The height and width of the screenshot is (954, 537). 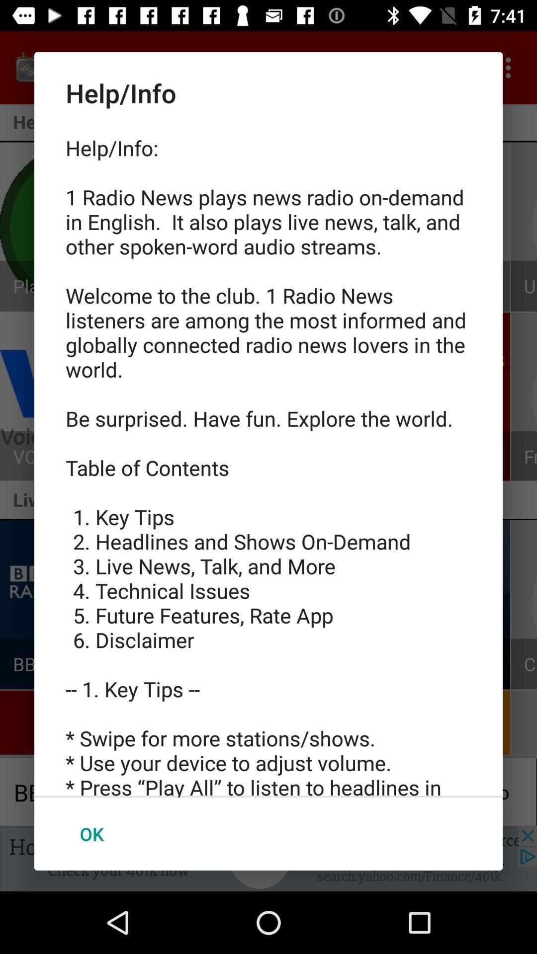 I want to click on item at the bottom left corner, so click(x=91, y=834).